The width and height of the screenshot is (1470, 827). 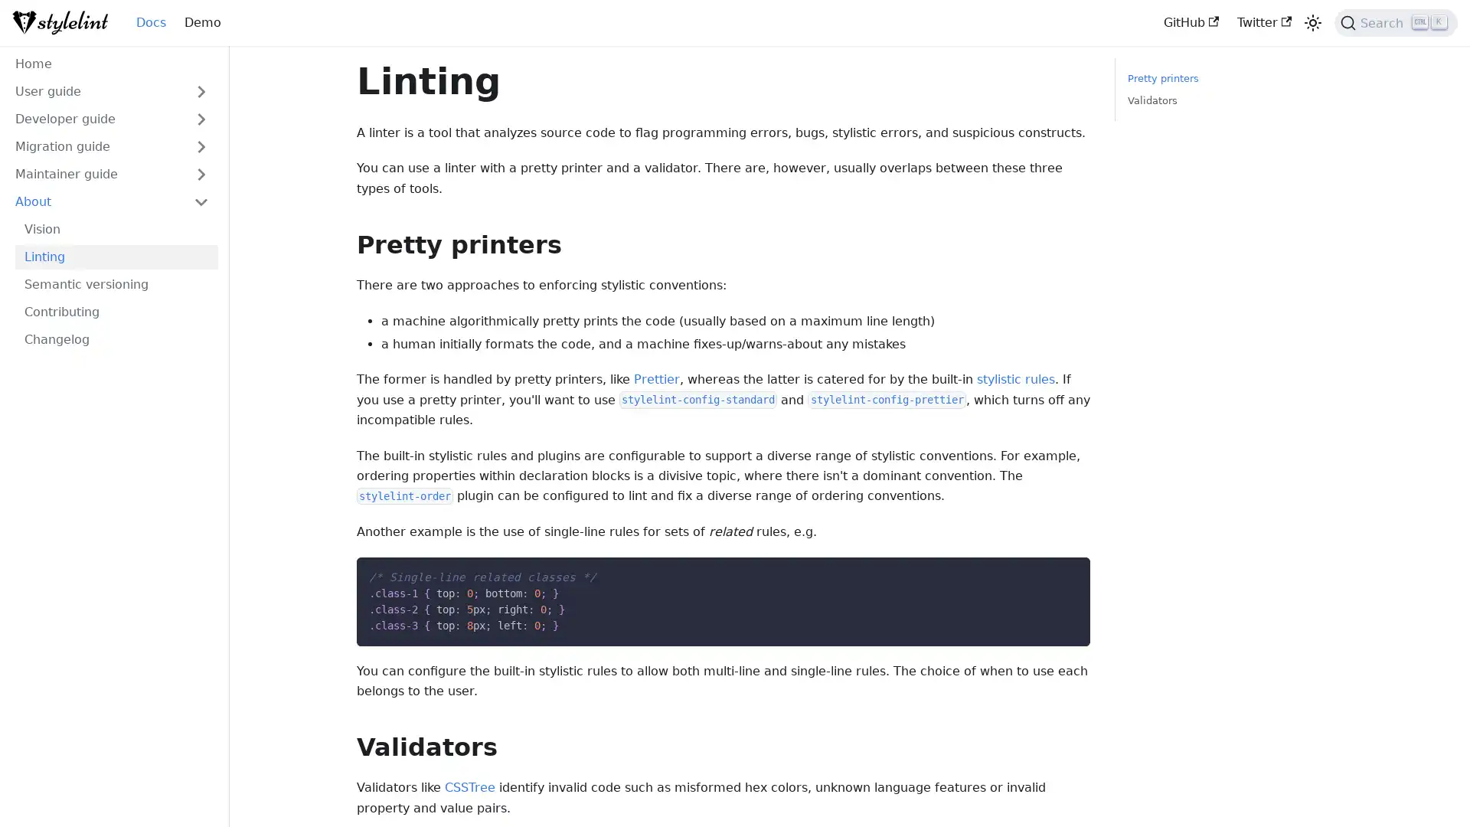 What do you see at coordinates (1396, 23) in the screenshot?
I see `Search` at bounding box center [1396, 23].